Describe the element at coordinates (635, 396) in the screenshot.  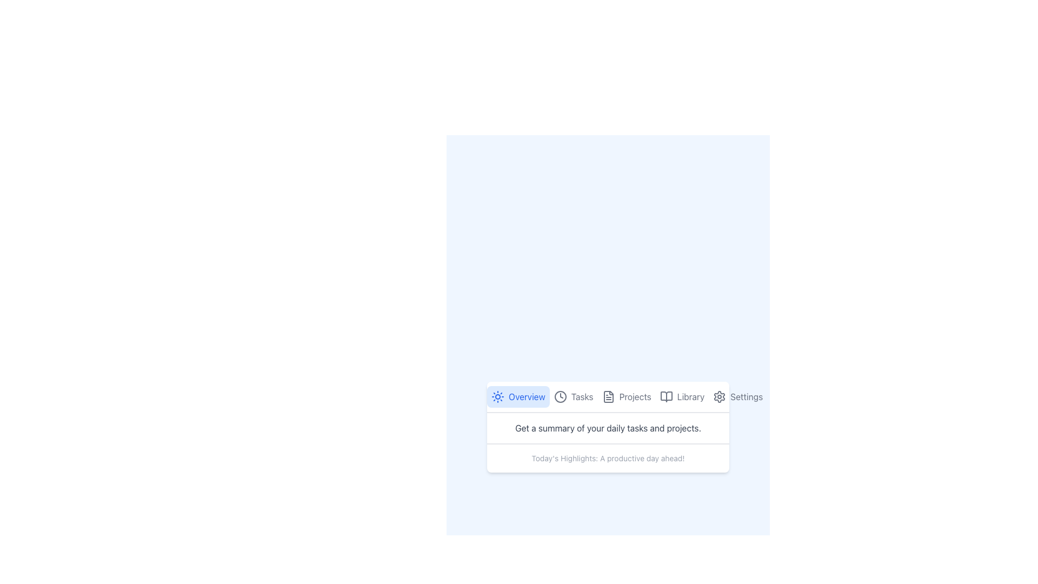
I see `the text label 'Projects' in the navigation bar, which is the third item following 'Tasks' and preceding 'Library'` at that location.